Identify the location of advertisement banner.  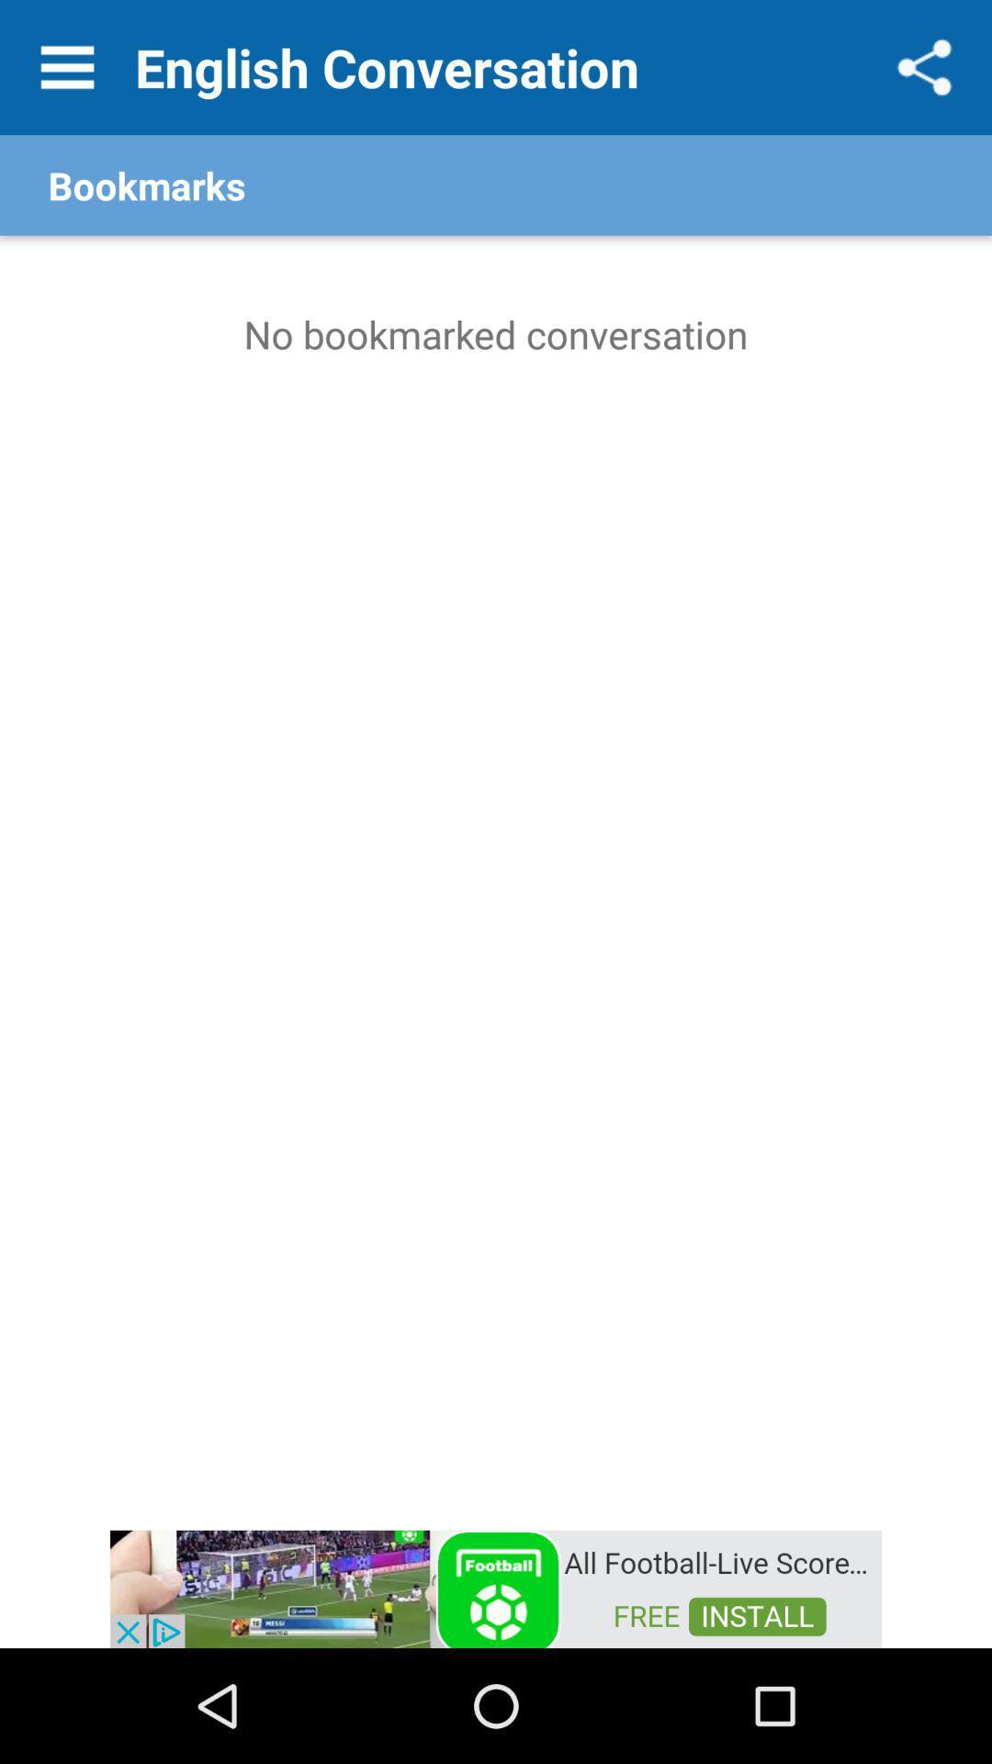
(496, 1587).